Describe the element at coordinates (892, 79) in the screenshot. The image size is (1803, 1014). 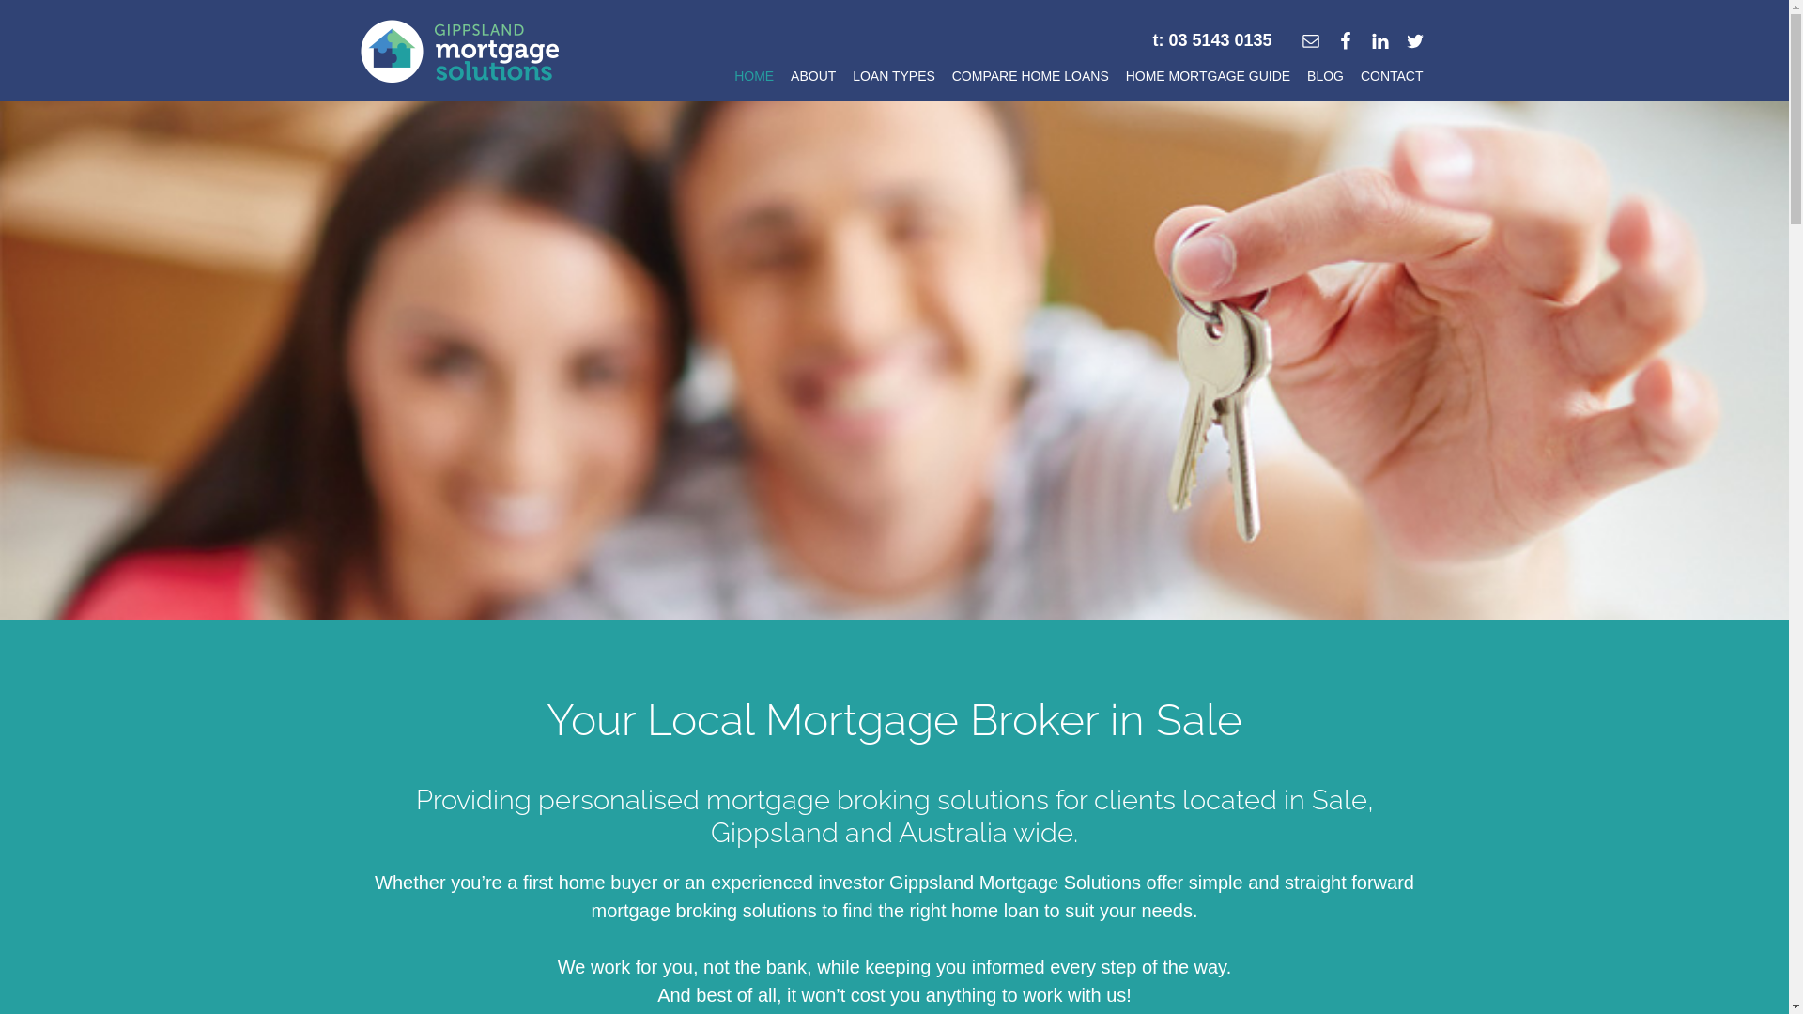
I see `'LOAN TYPES'` at that location.